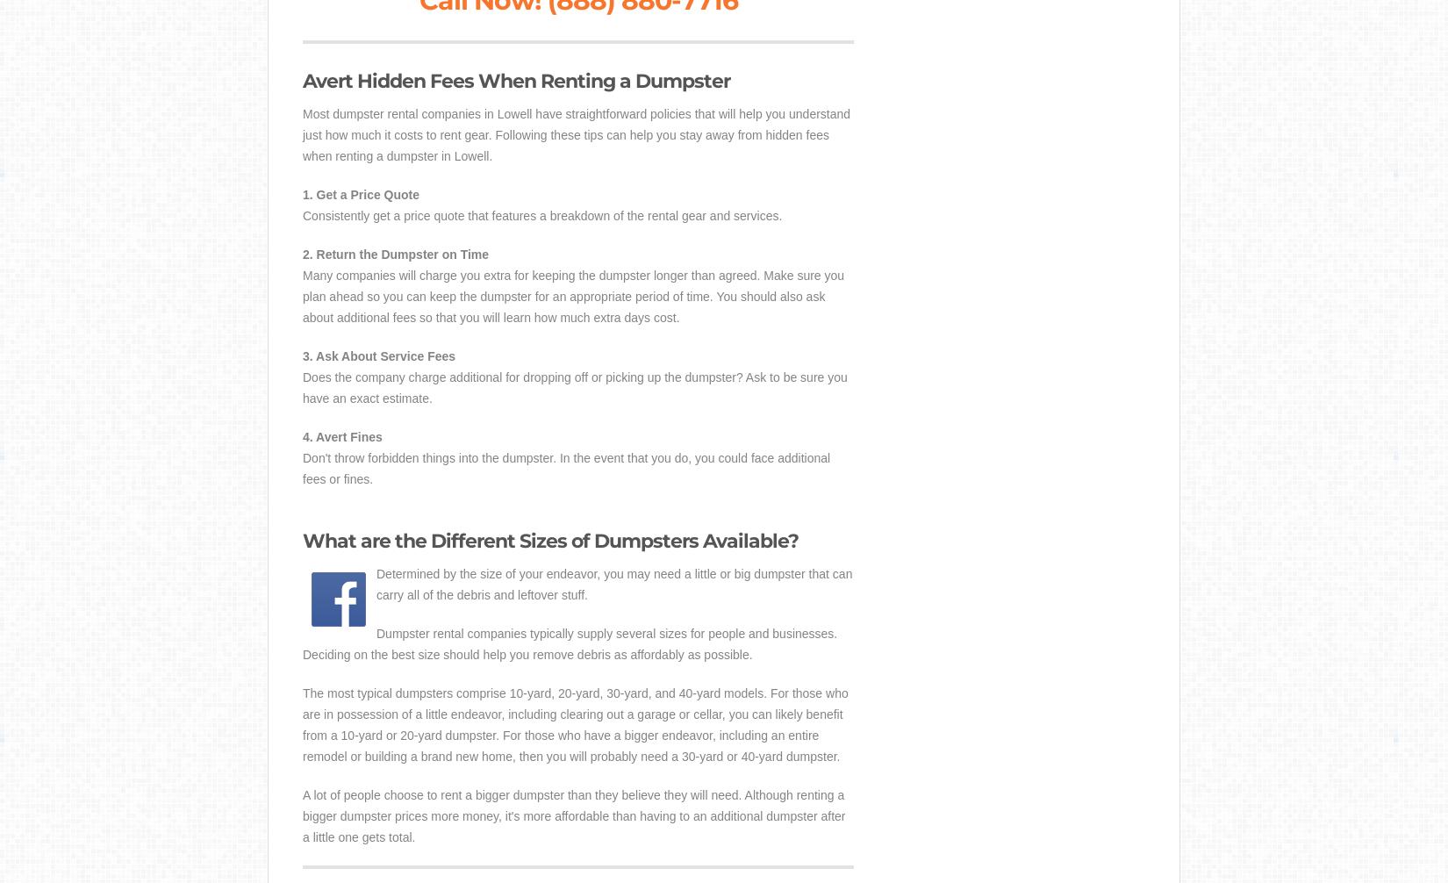 This screenshot has height=883, width=1448. I want to click on 'Many companies will charge you extra for keeping the dumpster longer than agreed. Make sure you plan ahead so you can keep the dumpster for an appropriate period of time. You should also ask about additional fees so that you will learn how much extra days cost.', so click(572, 296).